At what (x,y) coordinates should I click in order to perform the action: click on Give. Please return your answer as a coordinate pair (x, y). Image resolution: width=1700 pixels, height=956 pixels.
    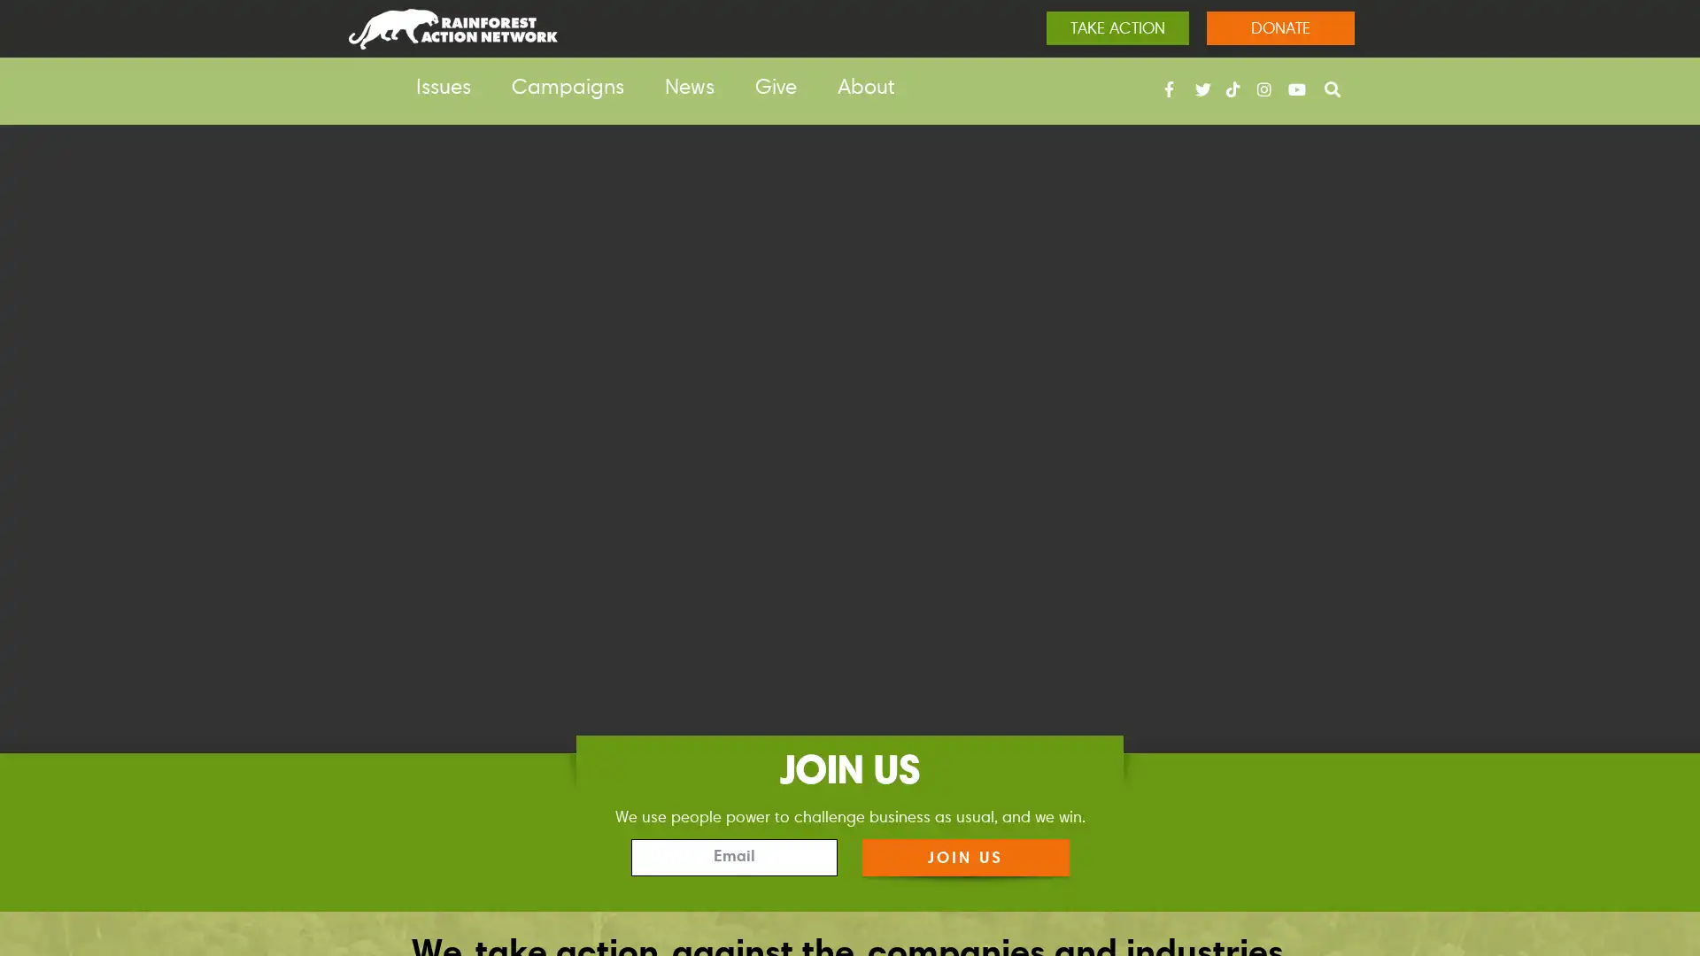
    Looking at the image, I should click on (776, 89).